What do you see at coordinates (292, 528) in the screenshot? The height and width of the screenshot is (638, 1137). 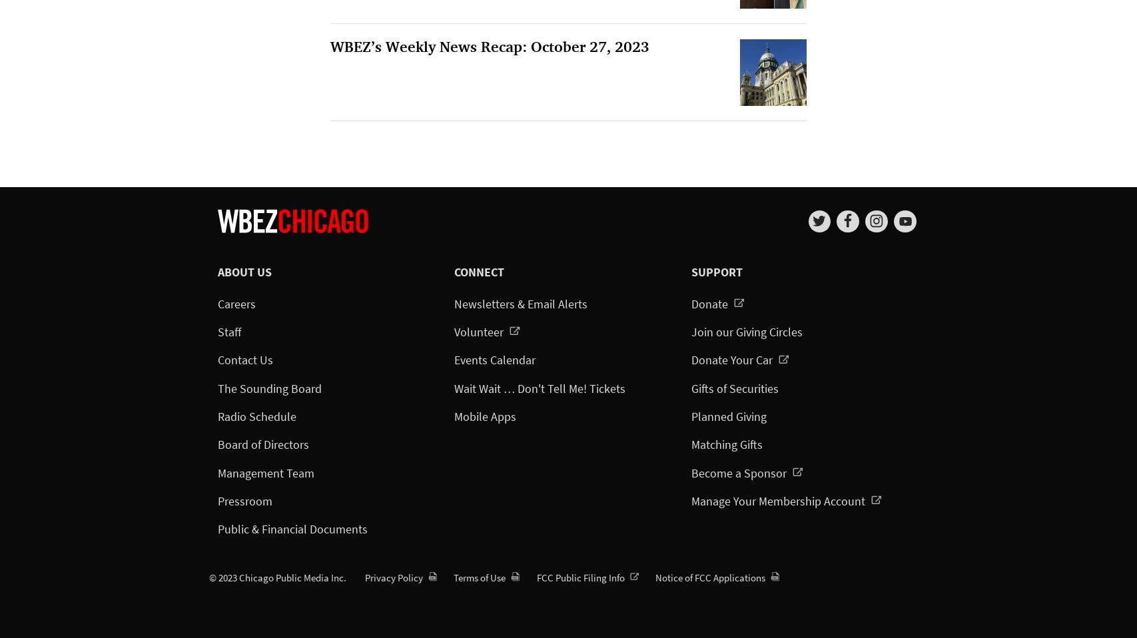 I see `'Public & Financial Documents'` at bounding box center [292, 528].